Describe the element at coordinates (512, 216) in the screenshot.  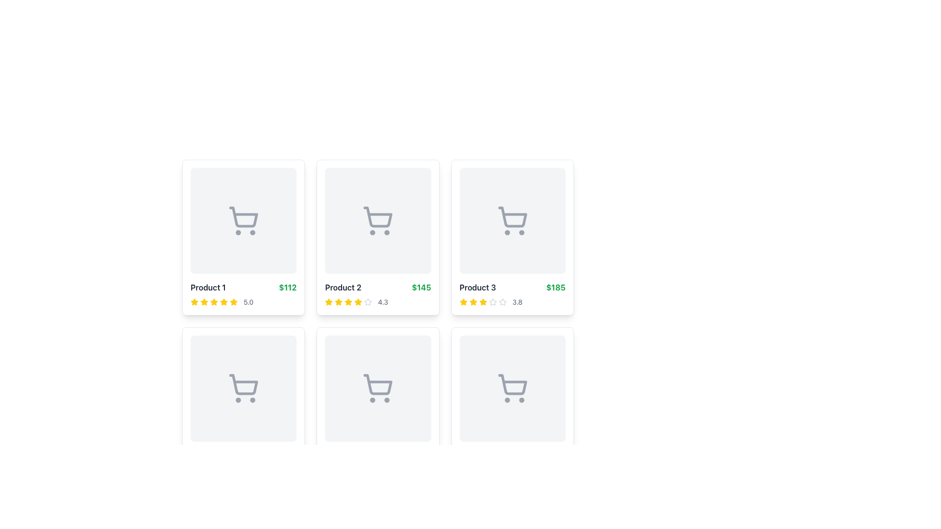
I see `the cart icon located above the text 'Product 3' and '$185' to interact with it` at that location.